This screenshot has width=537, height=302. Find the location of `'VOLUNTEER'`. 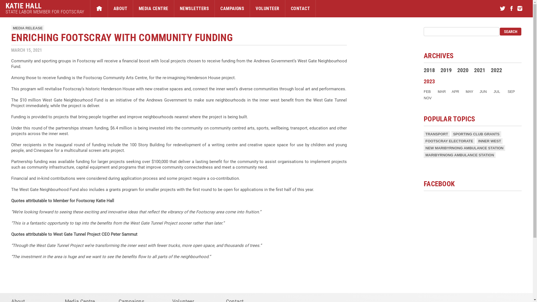

'VOLUNTEER' is located at coordinates (267, 8).